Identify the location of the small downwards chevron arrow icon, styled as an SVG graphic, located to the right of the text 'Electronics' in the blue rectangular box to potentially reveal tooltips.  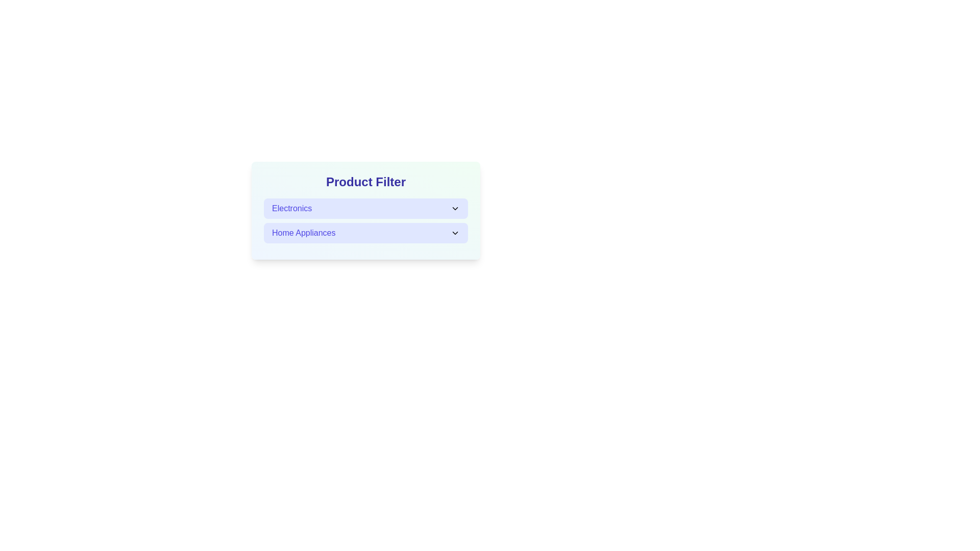
(455, 208).